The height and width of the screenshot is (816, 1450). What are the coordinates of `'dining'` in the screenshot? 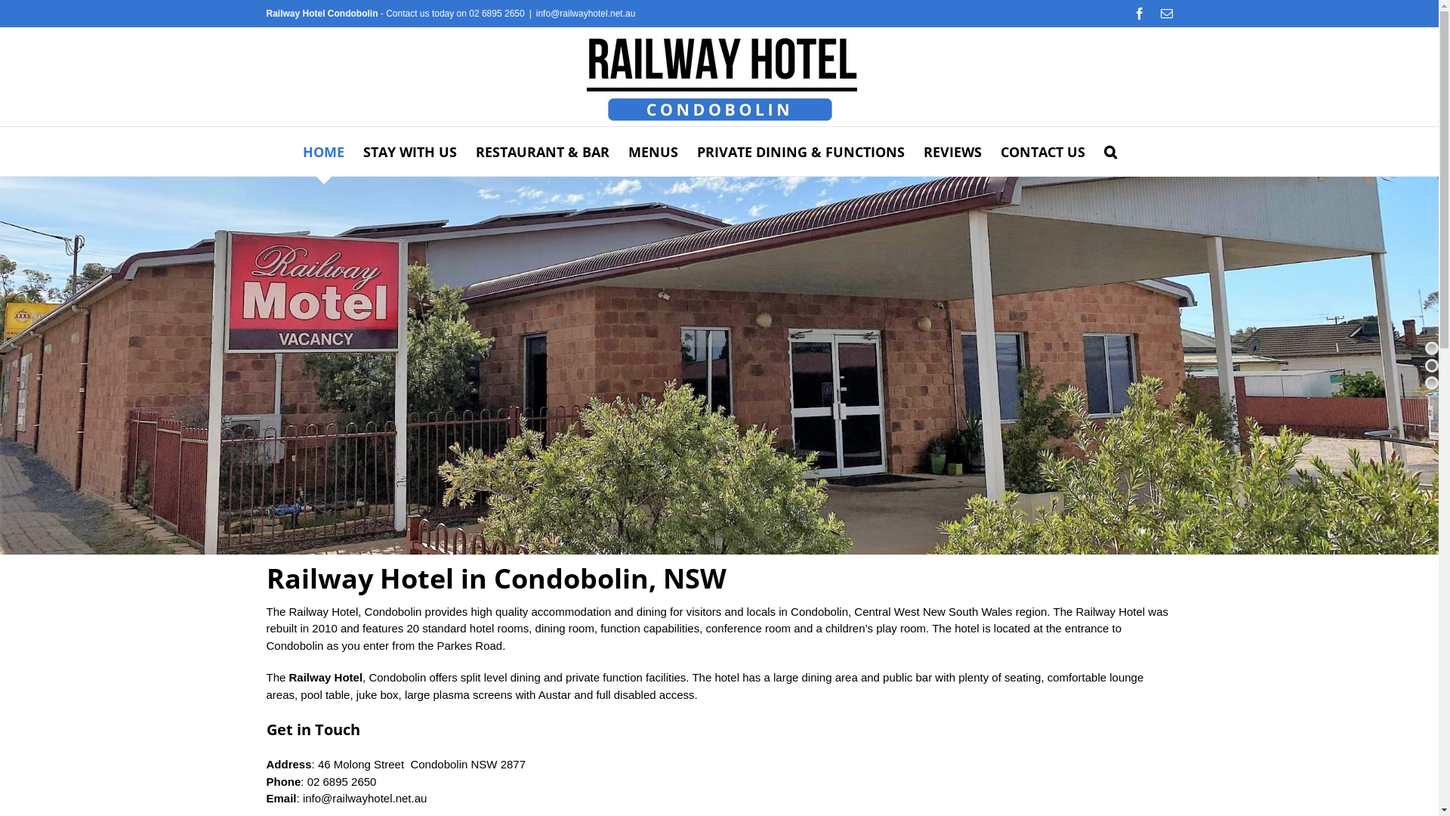 It's located at (652, 610).